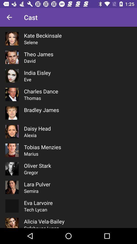 This screenshot has width=137, height=244. I want to click on tech lycan item, so click(35, 209).